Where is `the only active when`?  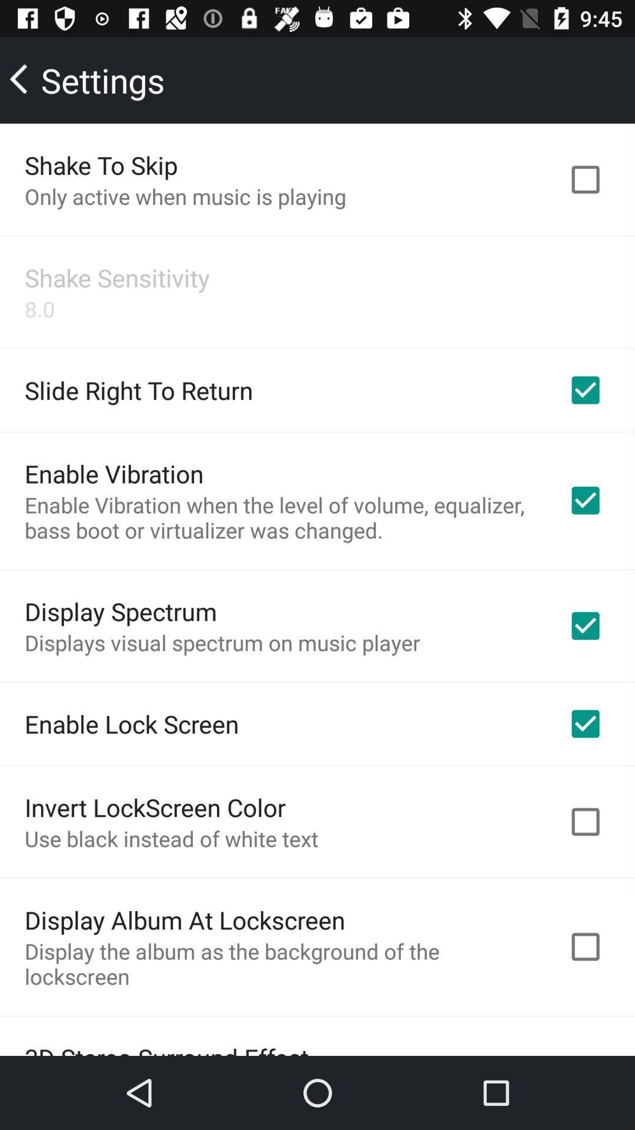
the only active when is located at coordinates (185, 196).